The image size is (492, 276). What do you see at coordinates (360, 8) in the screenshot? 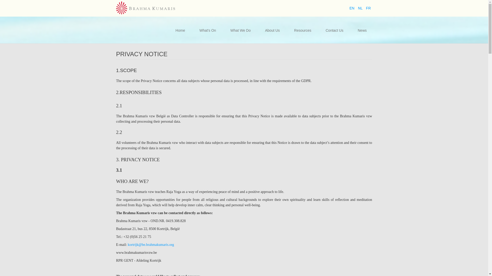
I see `'NL'` at bounding box center [360, 8].